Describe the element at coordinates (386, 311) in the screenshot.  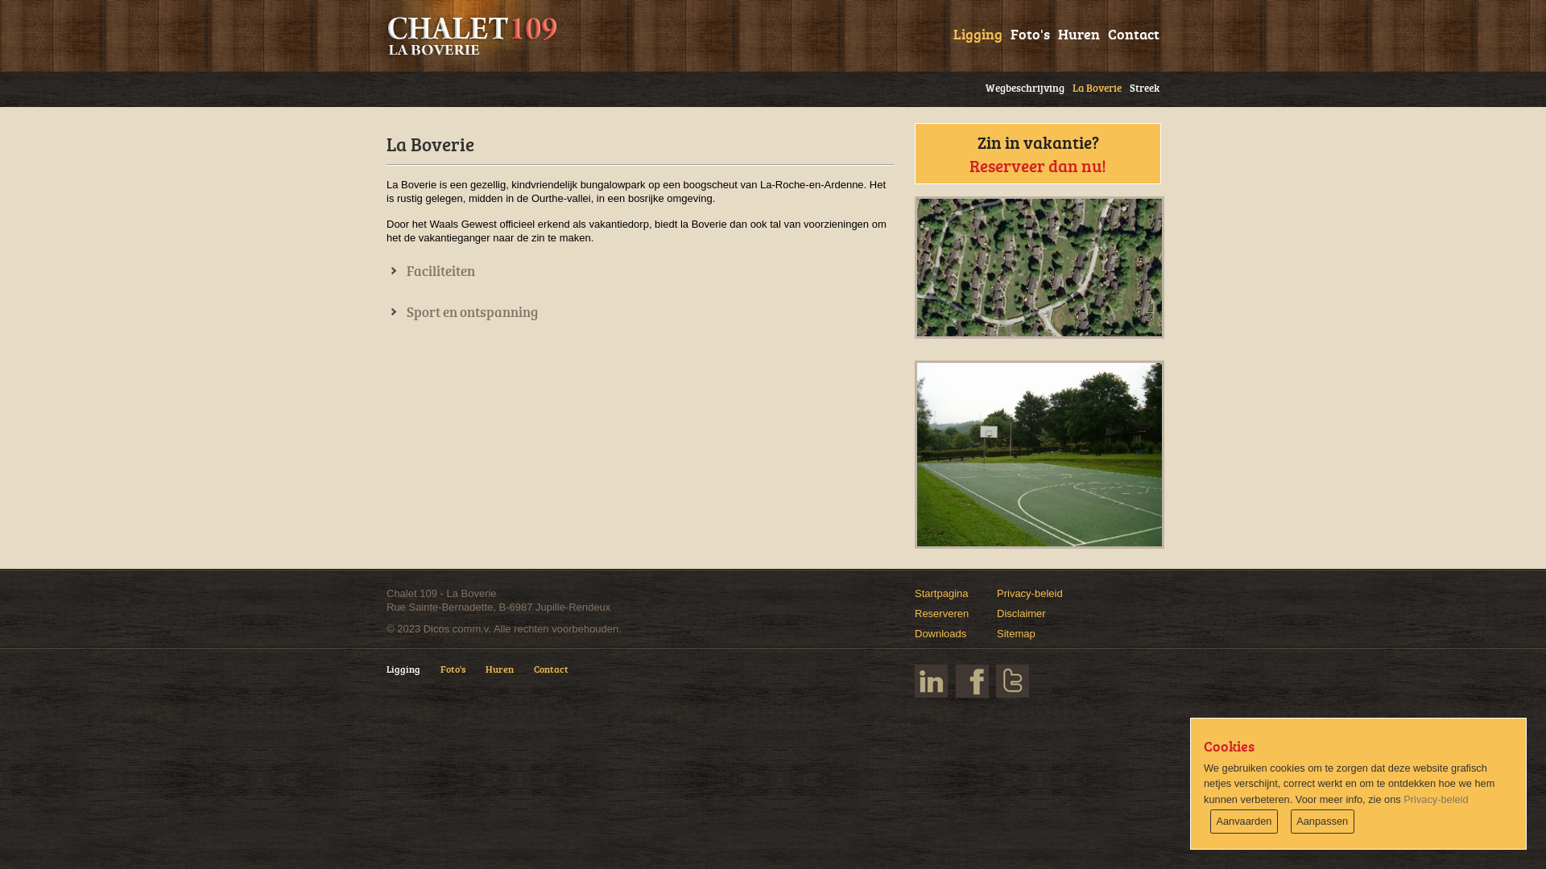
I see `'Sport en ontspanning'` at that location.